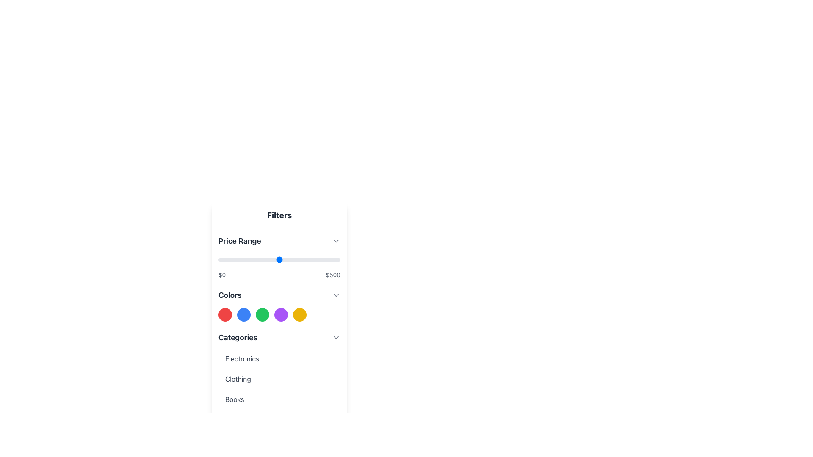 This screenshot has height=457, width=813. I want to click on the price range, so click(333, 259).